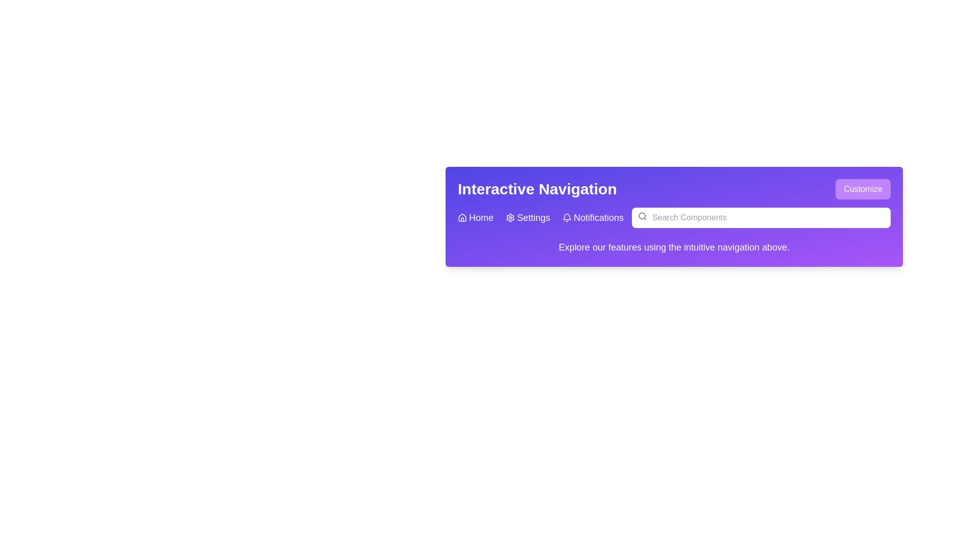 The image size is (980, 551). Describe the element at coordinates (593, 217) in the screenshot. I see `the interactive link with icon and text that serves as a navigation link` at that location.